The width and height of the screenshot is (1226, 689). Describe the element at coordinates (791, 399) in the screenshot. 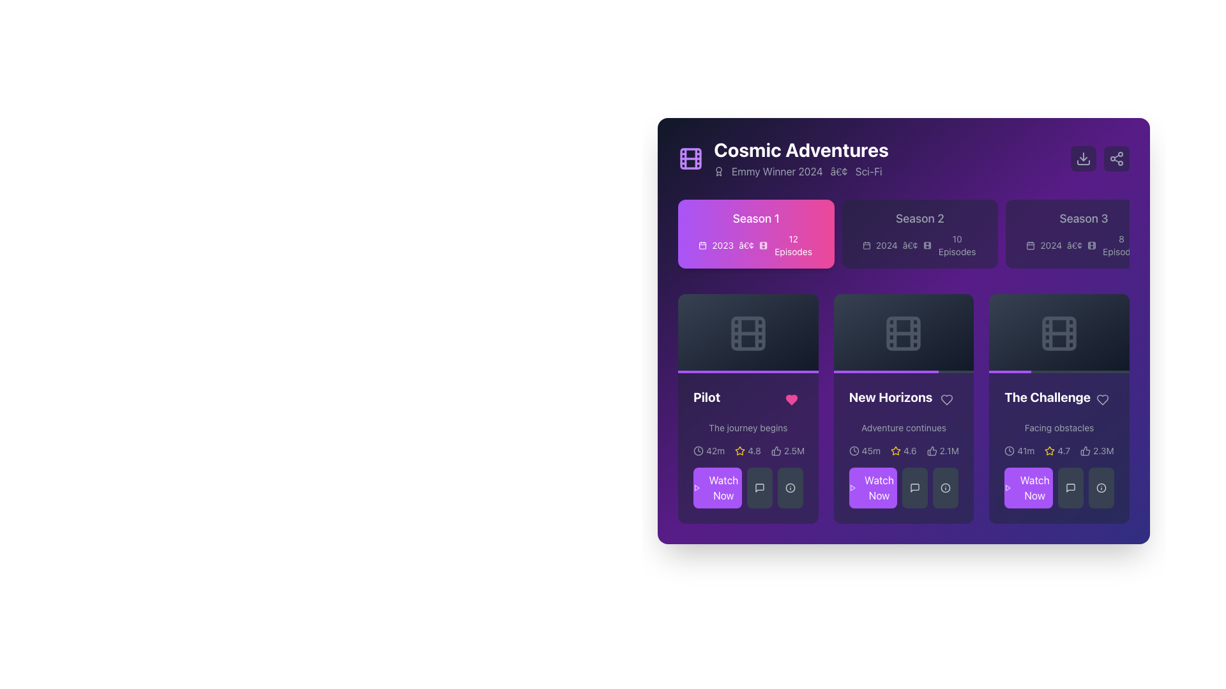

I see `the pink heart-shaped icon to like or favorite, which is located in the upper-right segment of the 'Pilot' card, adjacent to the text-title 'Pilot'` at that location.